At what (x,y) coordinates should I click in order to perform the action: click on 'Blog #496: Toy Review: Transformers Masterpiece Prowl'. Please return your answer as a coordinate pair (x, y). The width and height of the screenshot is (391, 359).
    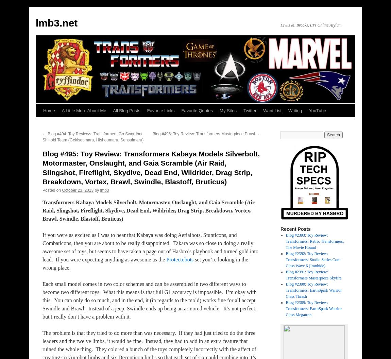
    Looking at the image, I should click on (152, 133).